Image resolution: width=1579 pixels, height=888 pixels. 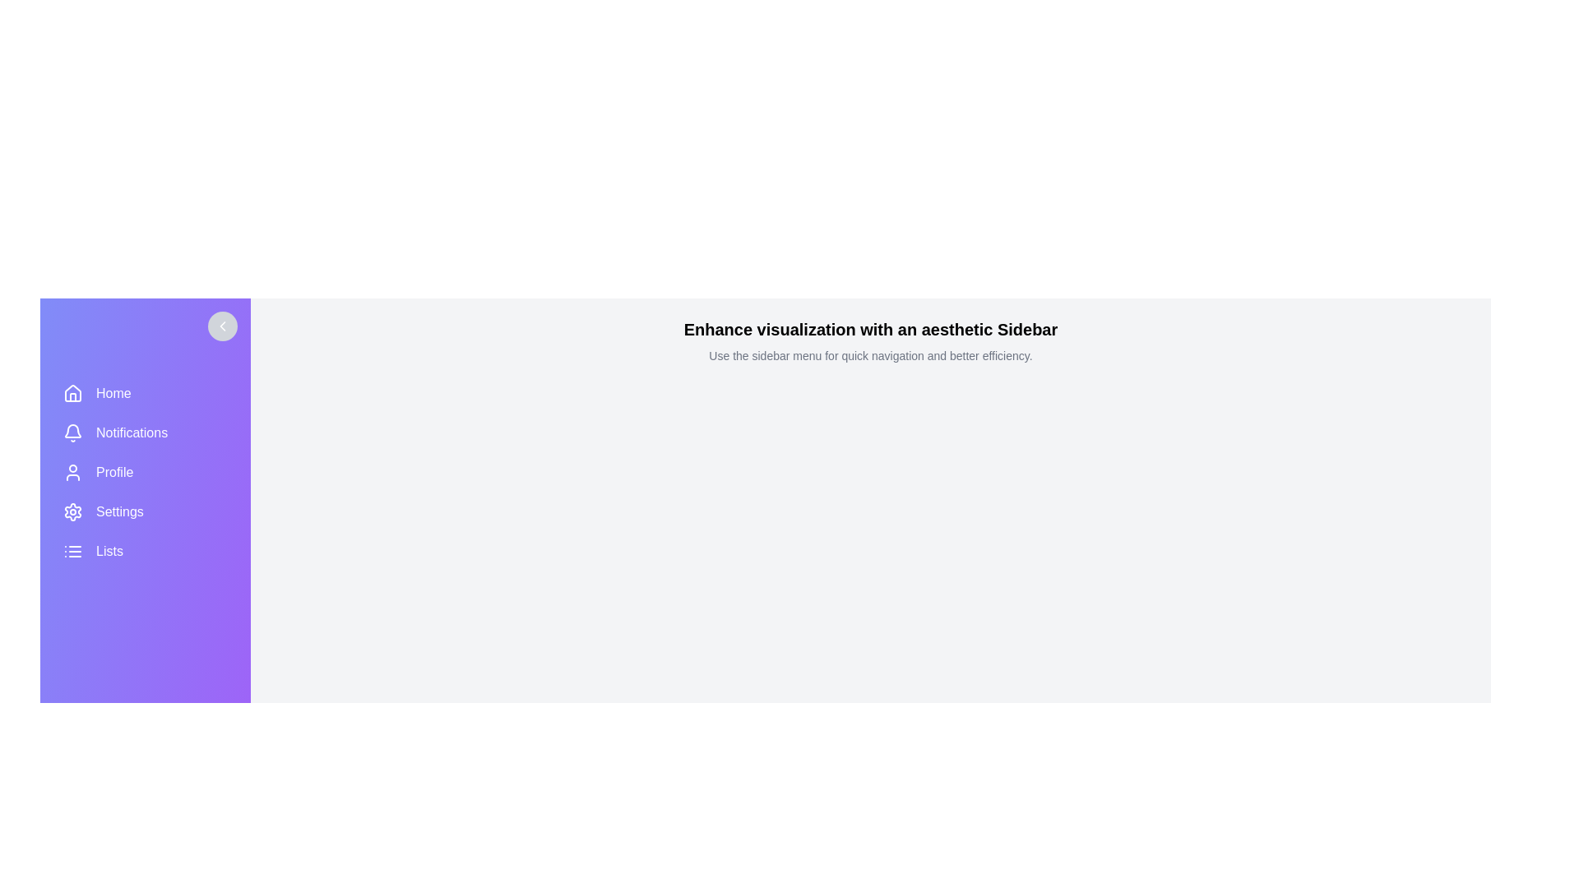 I want to click on the menu item Lists to reveal its label, so click(x=146, y=552).